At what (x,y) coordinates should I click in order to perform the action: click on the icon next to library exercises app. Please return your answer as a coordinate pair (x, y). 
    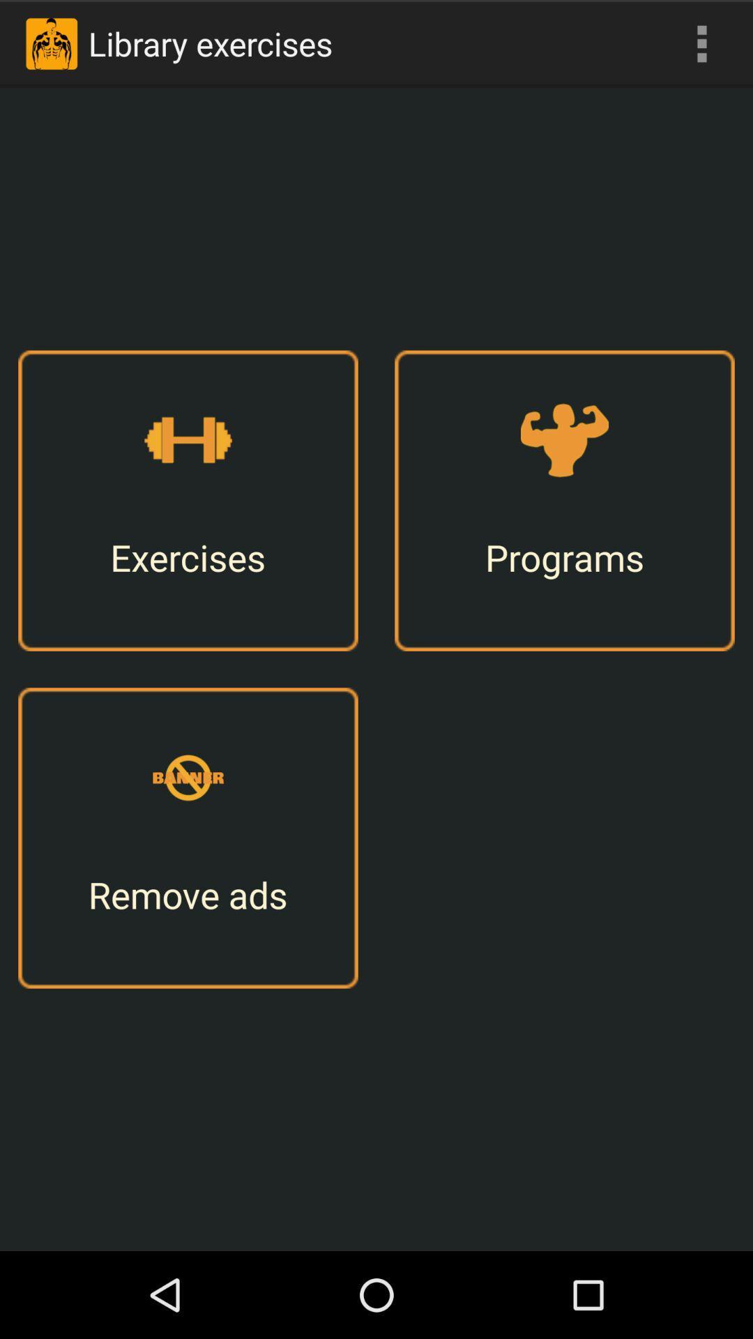
    Looking at the image, I should click on (701, 43).